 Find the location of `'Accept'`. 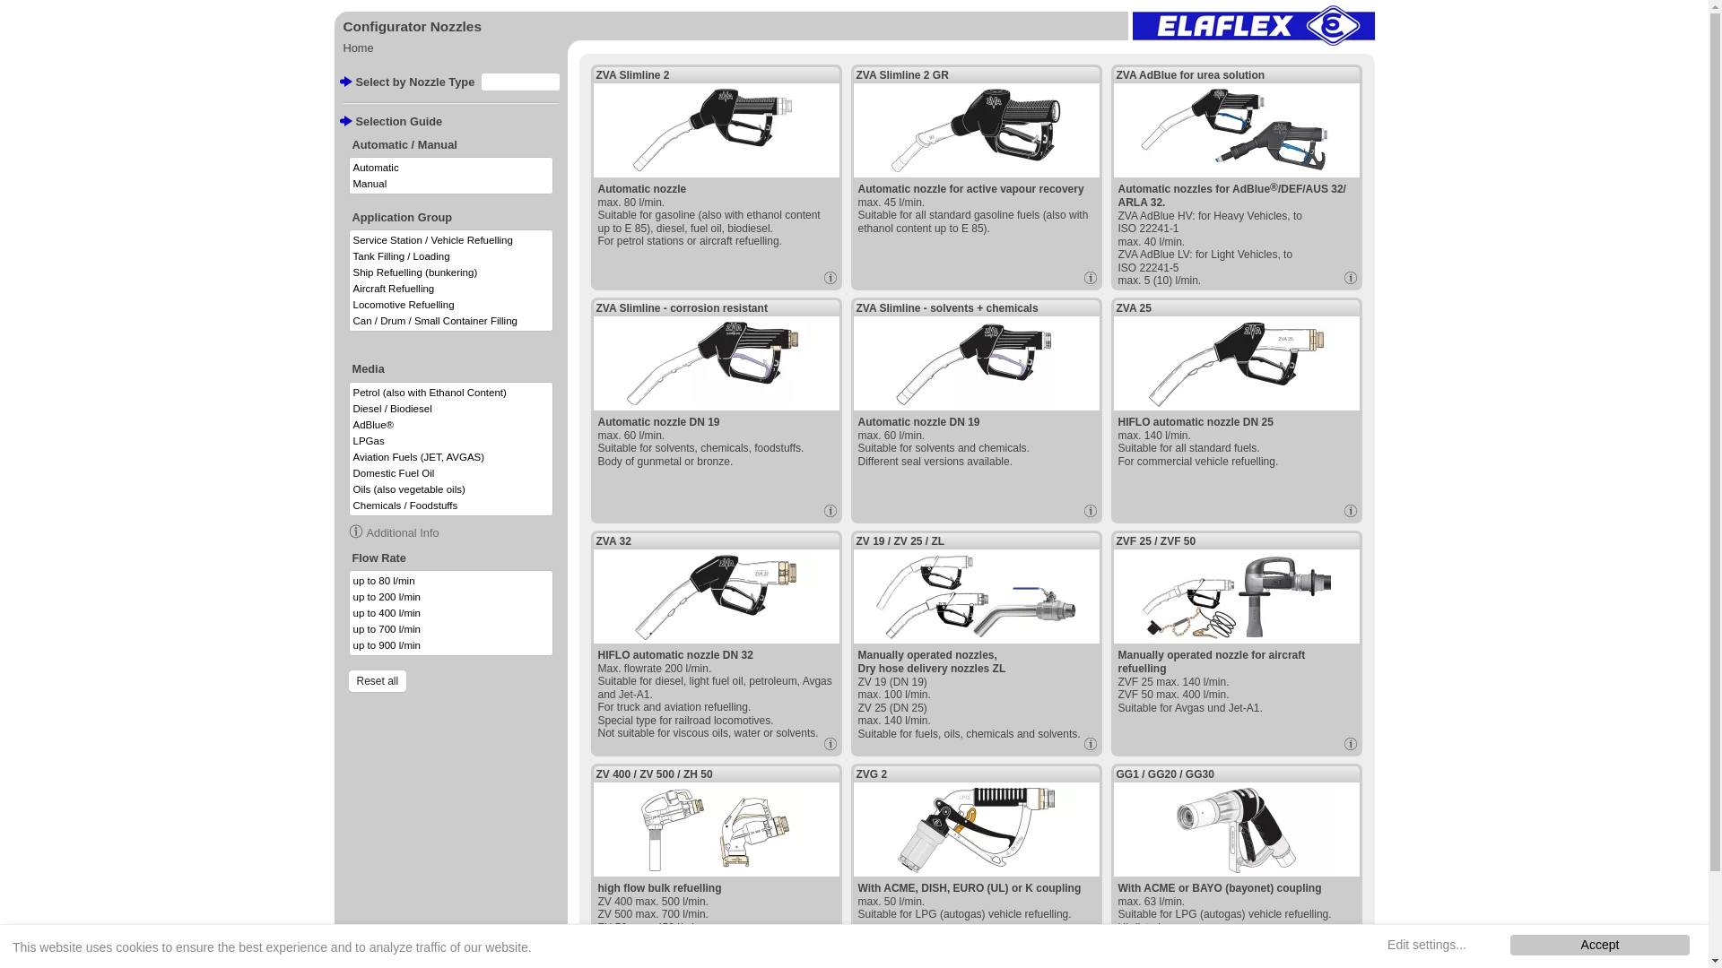

'Accept' is located at coordinates (1600, 944).